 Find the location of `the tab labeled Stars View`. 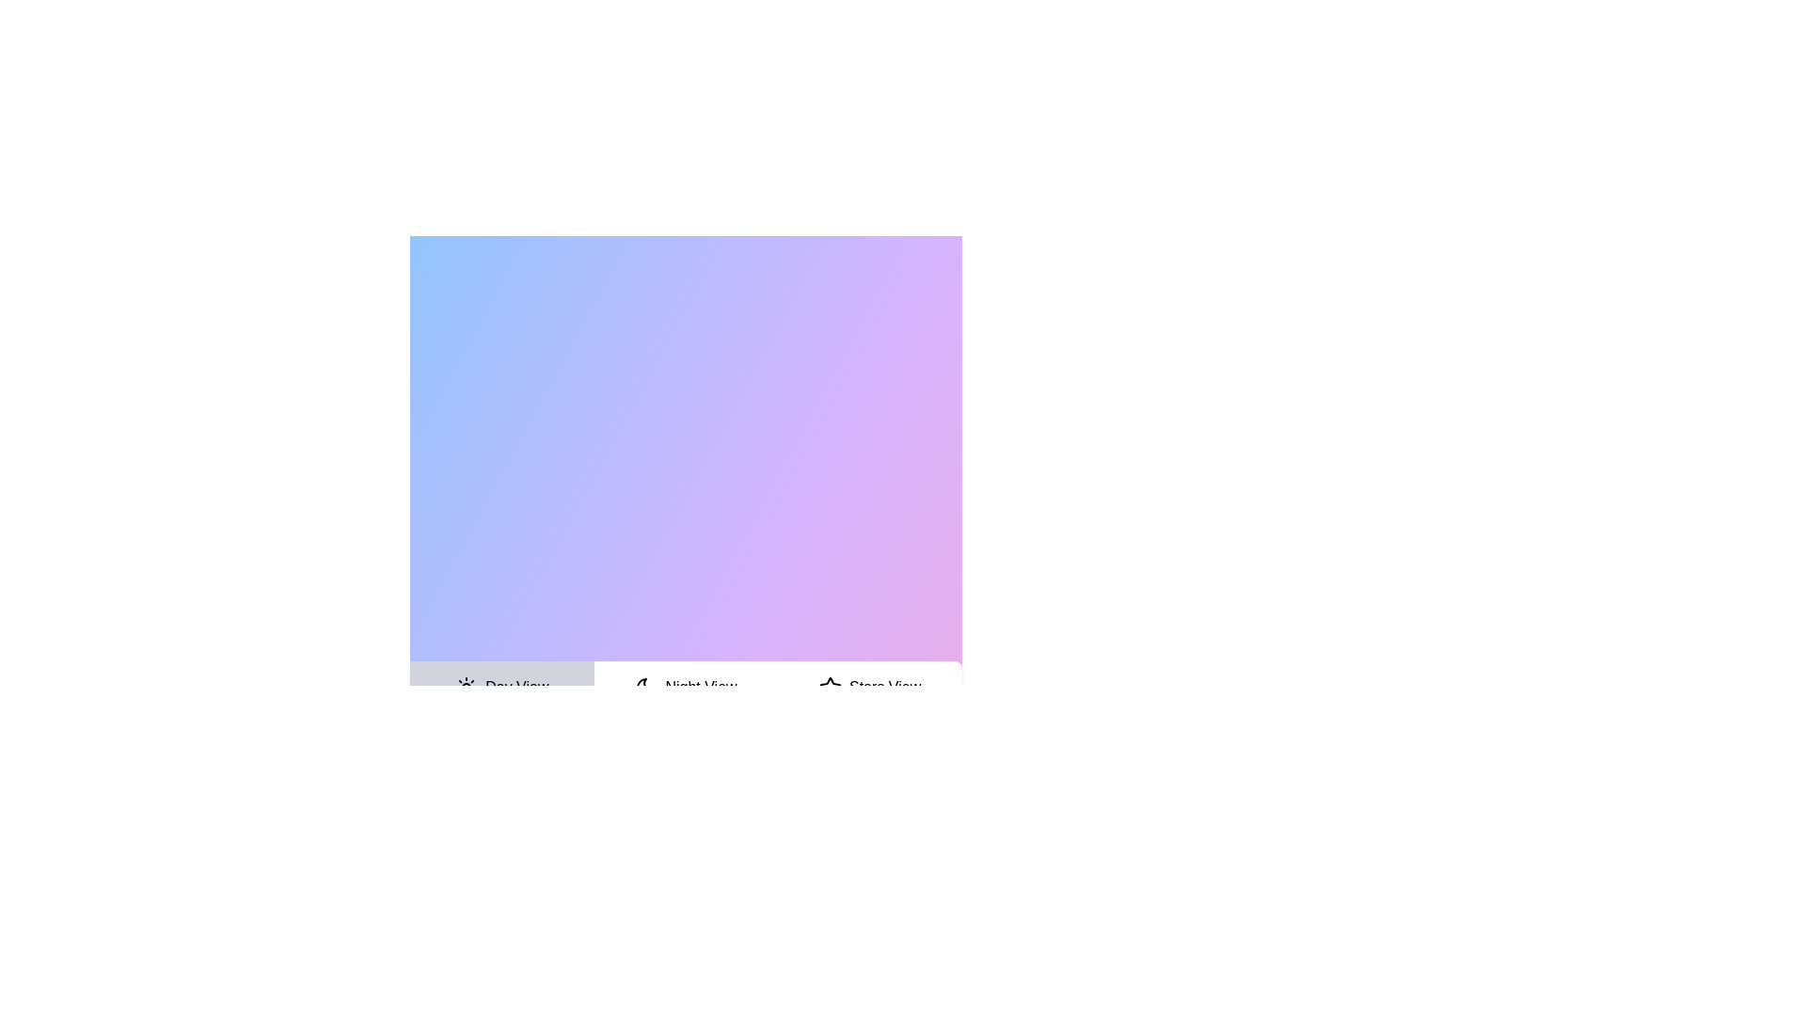

the tab labeled Stars View is located at coordinates (869, 687).